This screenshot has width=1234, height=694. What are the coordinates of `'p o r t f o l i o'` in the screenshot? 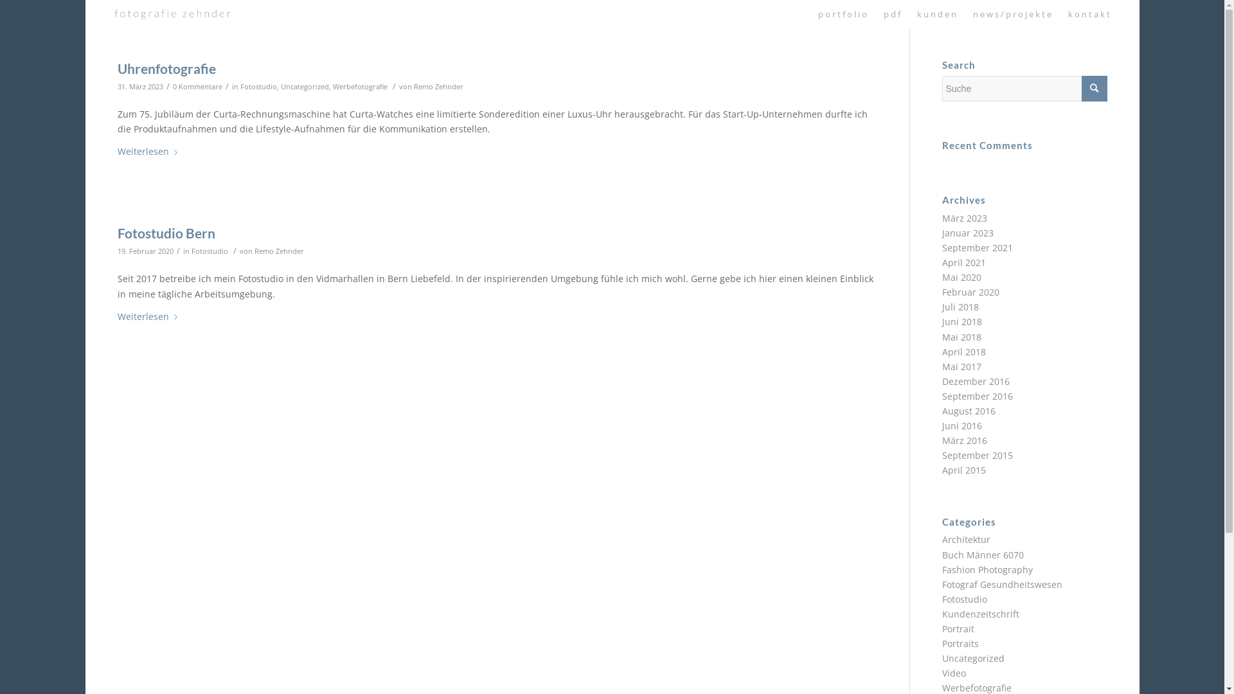 It's located at (842, 14).